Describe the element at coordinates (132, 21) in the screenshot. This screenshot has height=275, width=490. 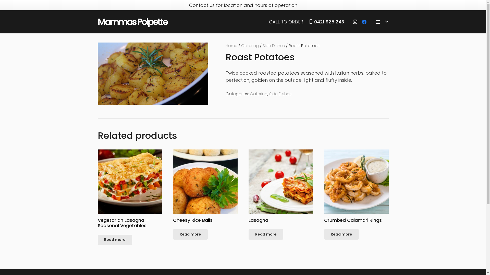
I see `'Mammas Polpette'` at that location.